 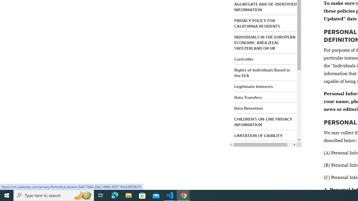 What do you see at coordinates (257, 23) in the screenshot?
I see `'PRIVACY POLICY FOR CALIFORNIA RESIDENTS'` at bounding box center [257, 23].